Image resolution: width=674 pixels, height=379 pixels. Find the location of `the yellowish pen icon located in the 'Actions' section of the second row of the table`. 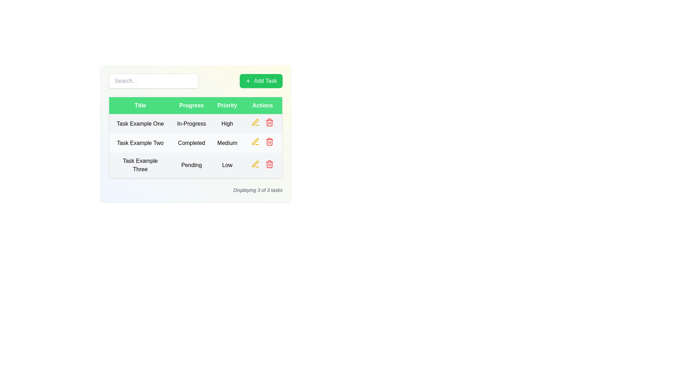

the yellowish pen icon located in the 'Actions' section of the second row of the table is located at coordinates (255, 122).